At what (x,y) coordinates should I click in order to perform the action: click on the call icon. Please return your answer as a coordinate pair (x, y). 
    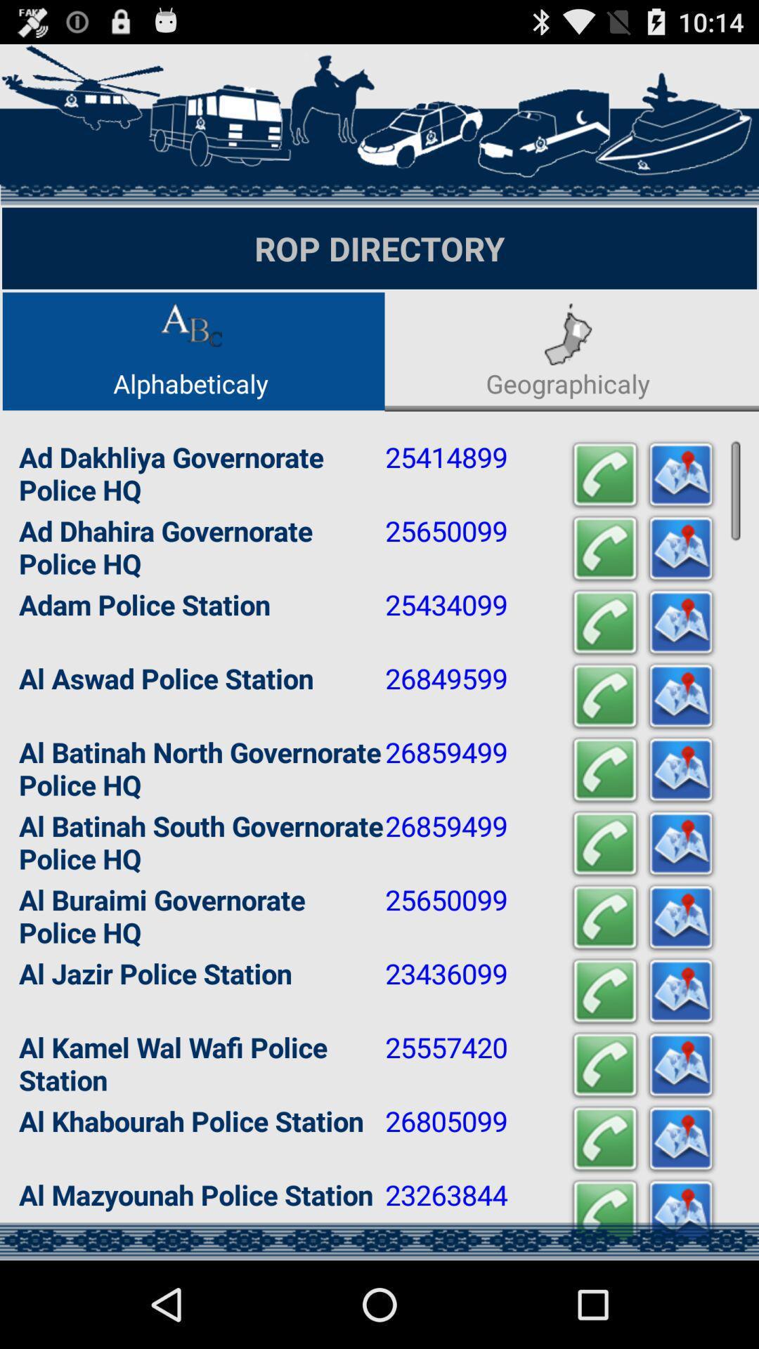
    Looking at the image, I should click on (604, 1140).